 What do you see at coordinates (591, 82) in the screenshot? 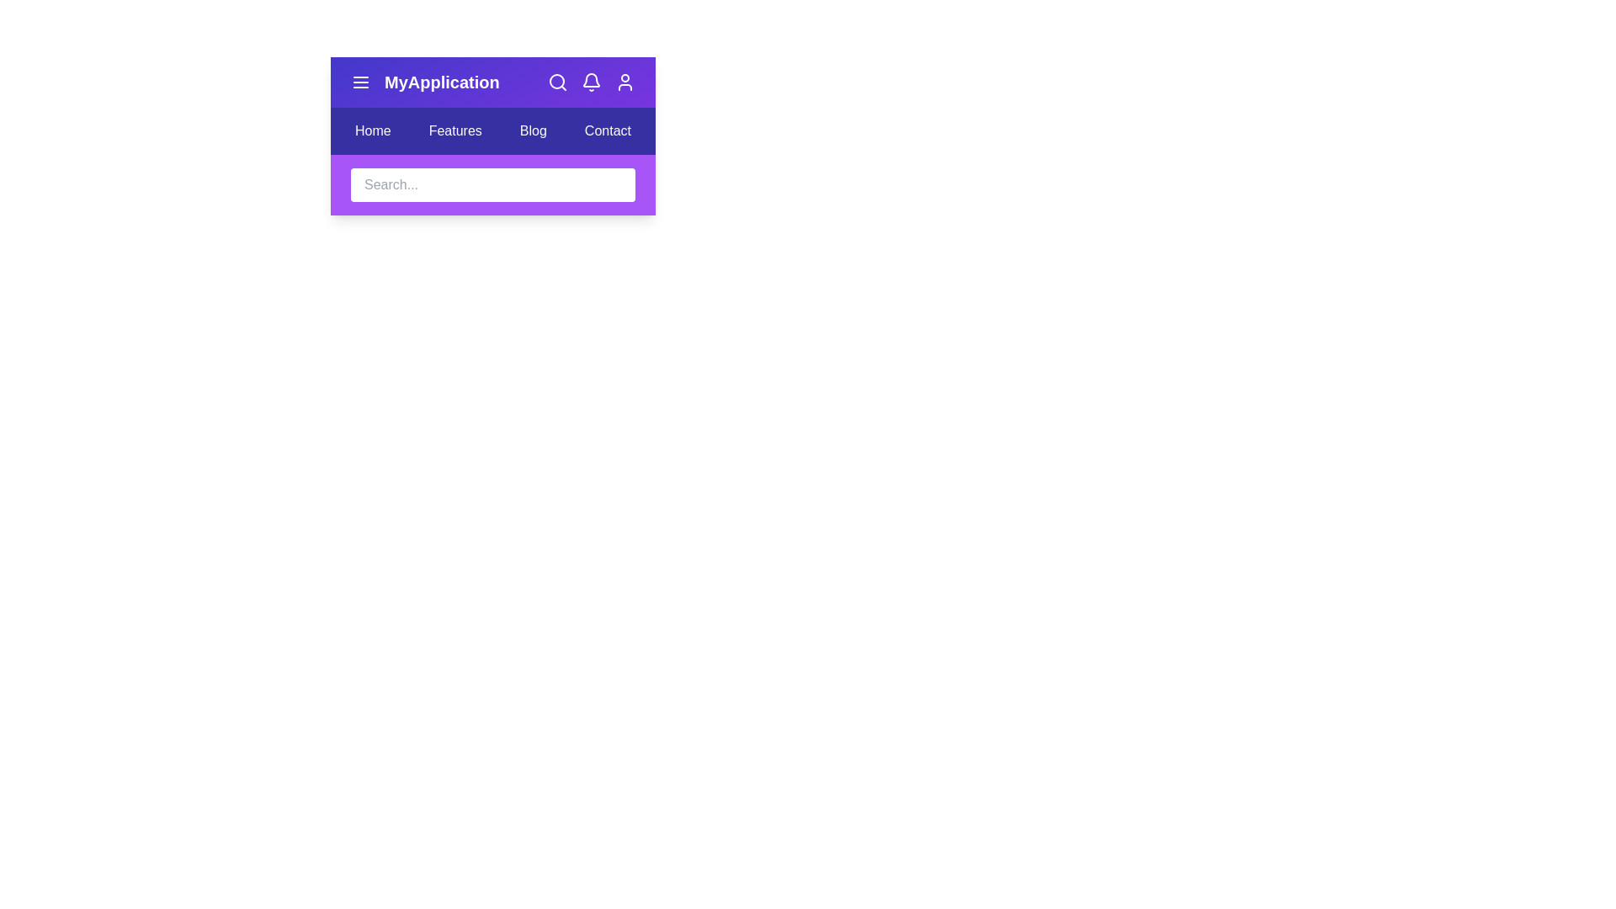
I see `the interactive element bell_icon` at bounding box center [591, 82].